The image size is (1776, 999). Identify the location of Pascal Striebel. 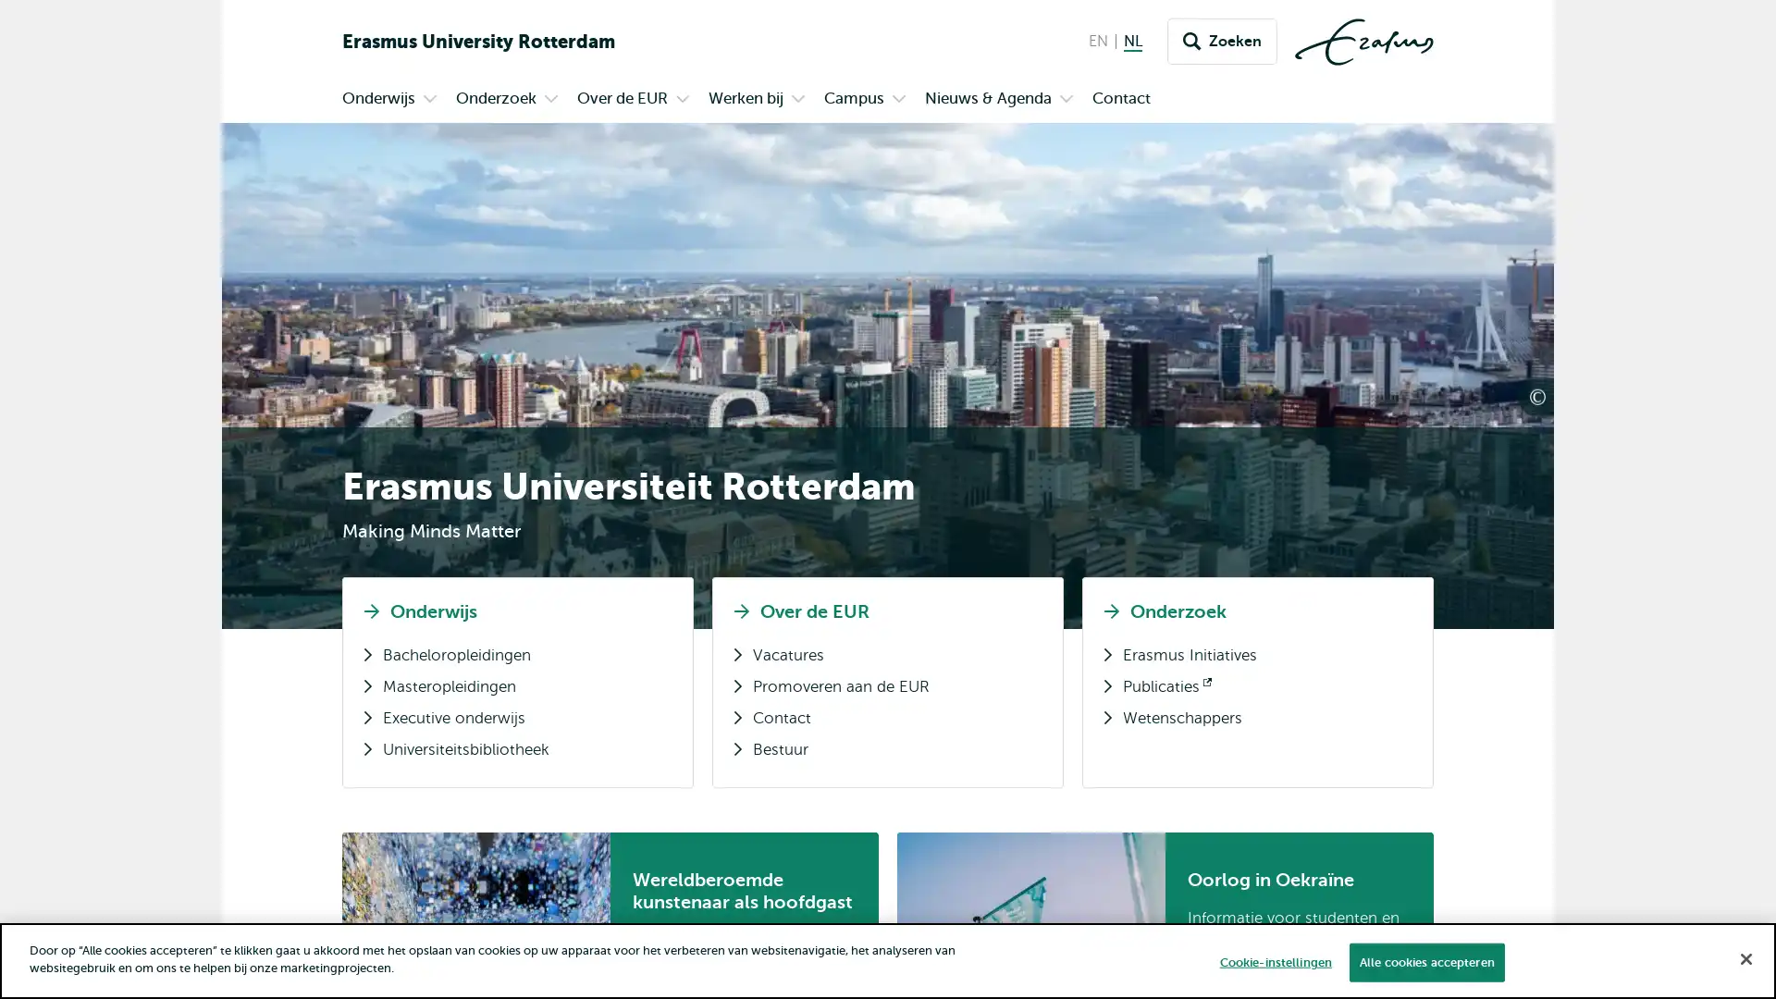
(1609, 388).